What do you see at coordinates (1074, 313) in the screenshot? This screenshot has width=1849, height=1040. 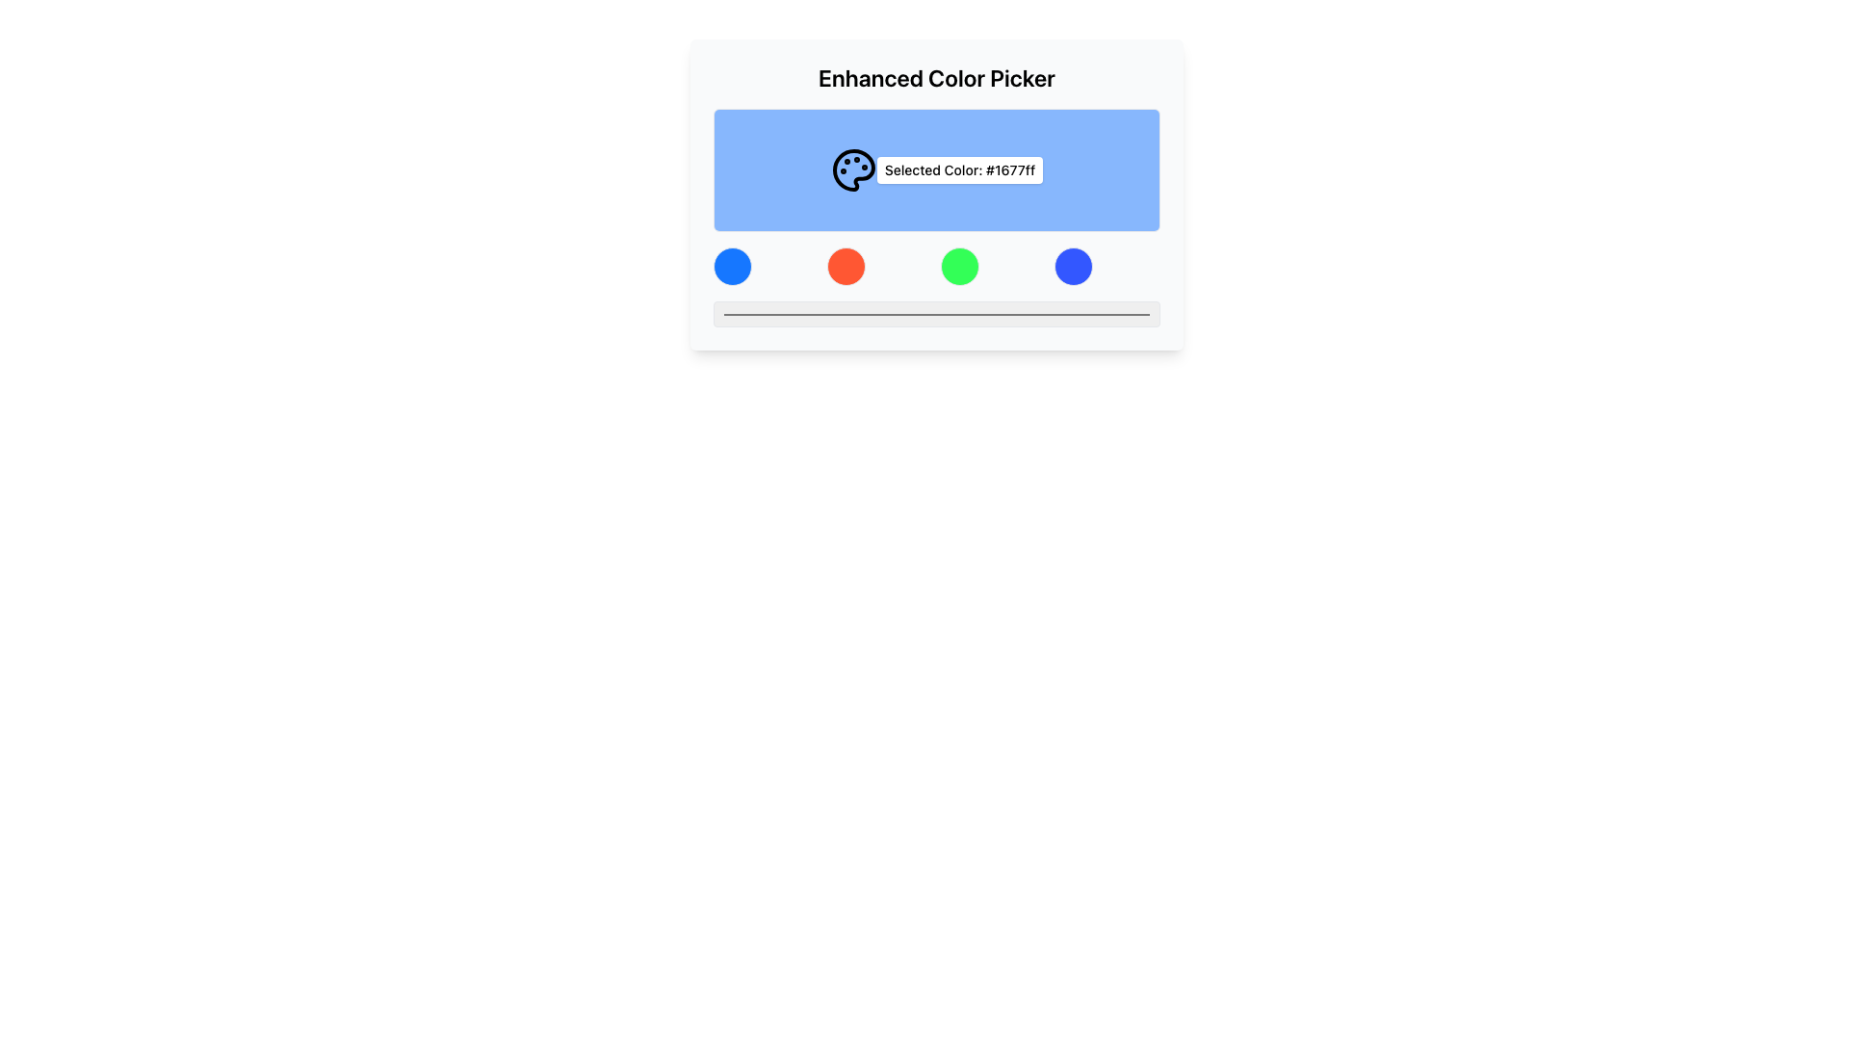 I see `the slider` at bounding box center [1074, 313].